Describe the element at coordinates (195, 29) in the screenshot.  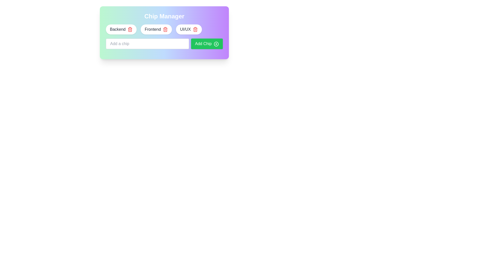
I see `the delete icon button located immediately to the right of the 'UI/UX' label within the third rounded rectangular chip under the 'Chip Manager' title` at that location.